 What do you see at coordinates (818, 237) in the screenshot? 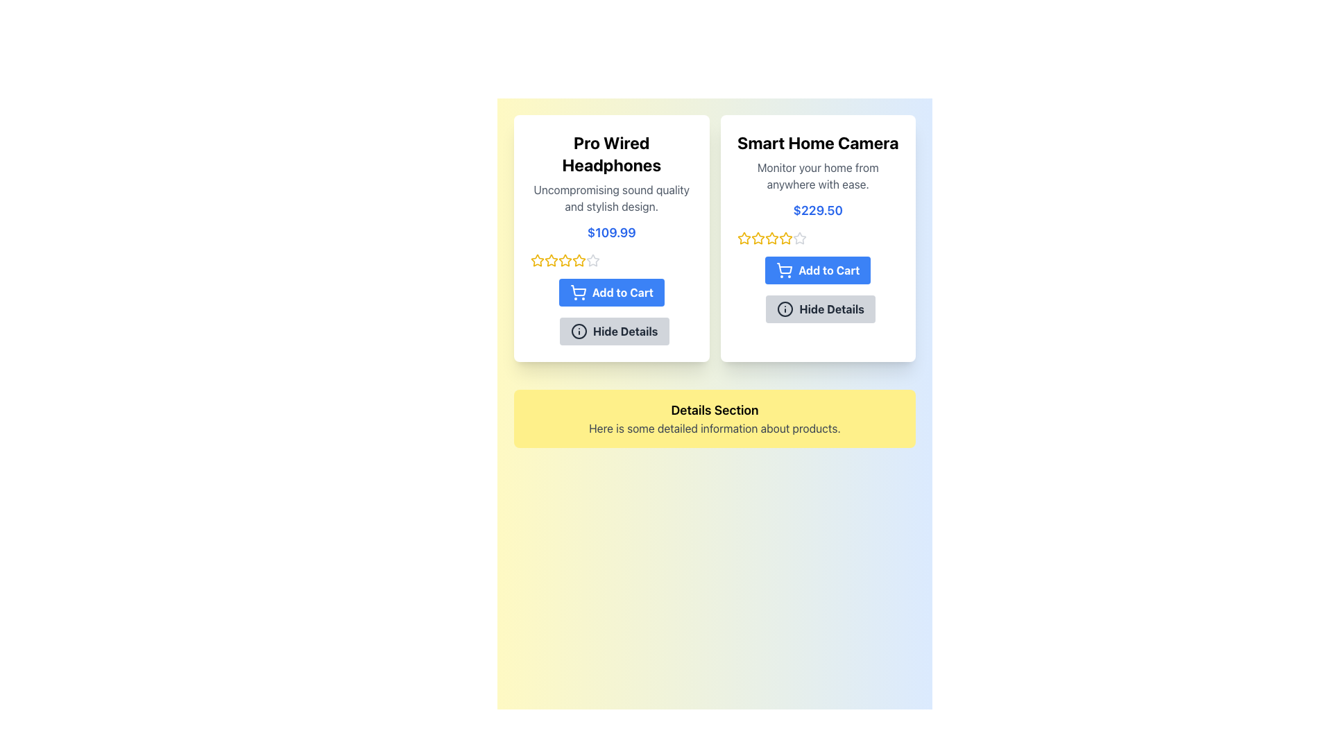
I see `each star in the rating component for the product 'Smart Home Camera' to visually indicate the rating options available` at bounding box center [818, 237].